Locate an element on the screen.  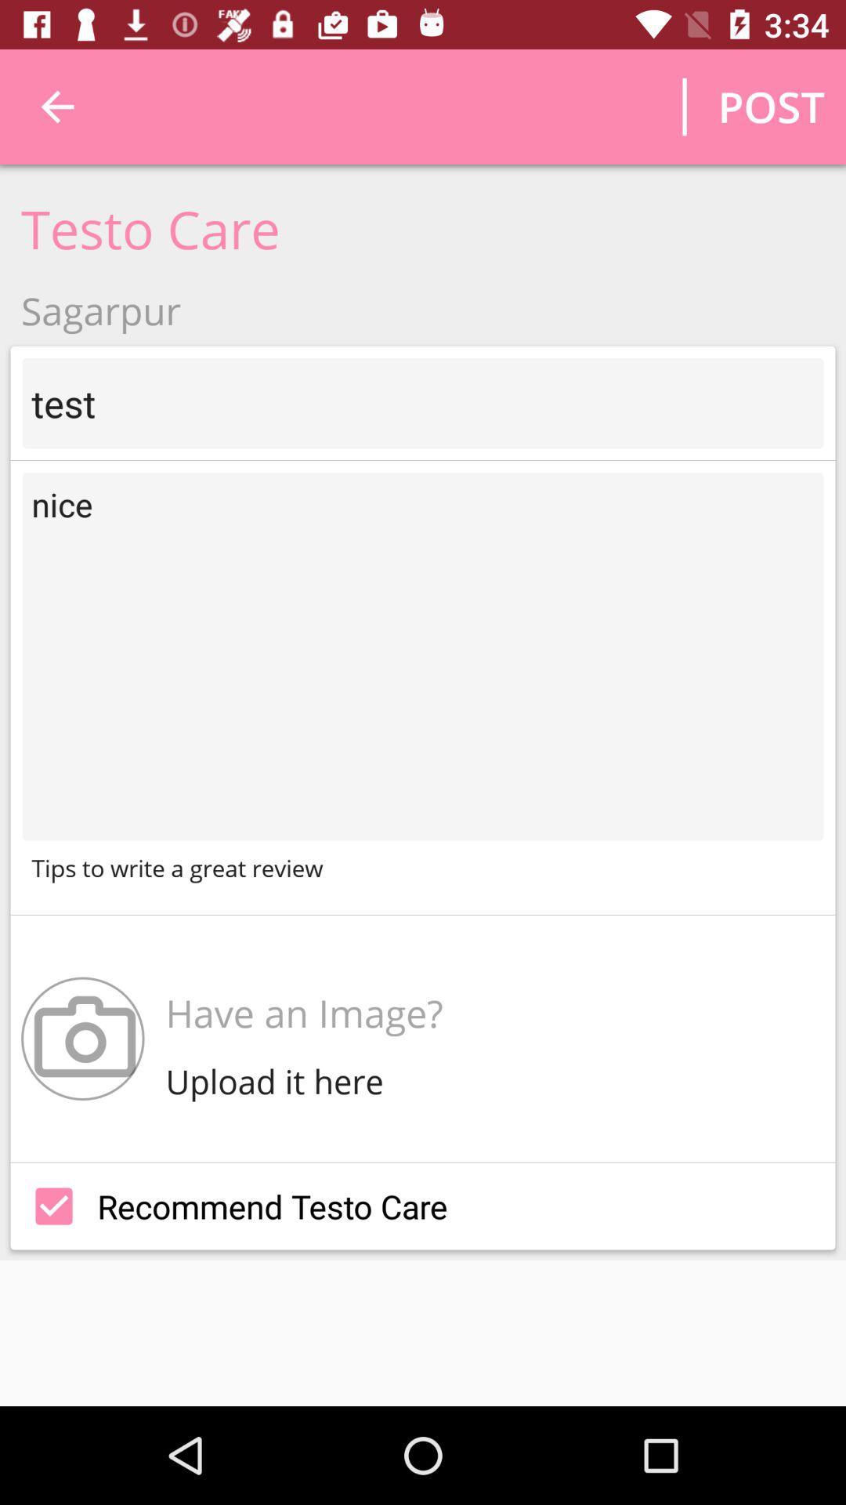
the icon above the tips to write icon is located at coordinates (423, 656).